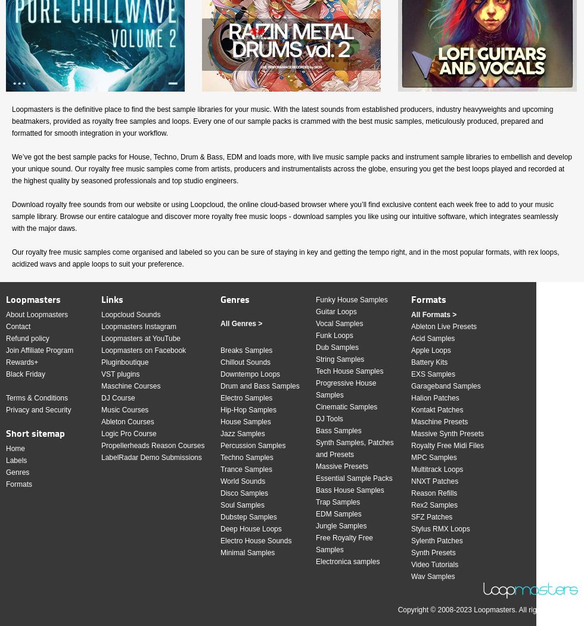 Image resolution: width=584 pixels, height=626 pixels. Describe the element at coordinates (36, 315) in the screenshot. I see `'About Loopmasters'` at that location.